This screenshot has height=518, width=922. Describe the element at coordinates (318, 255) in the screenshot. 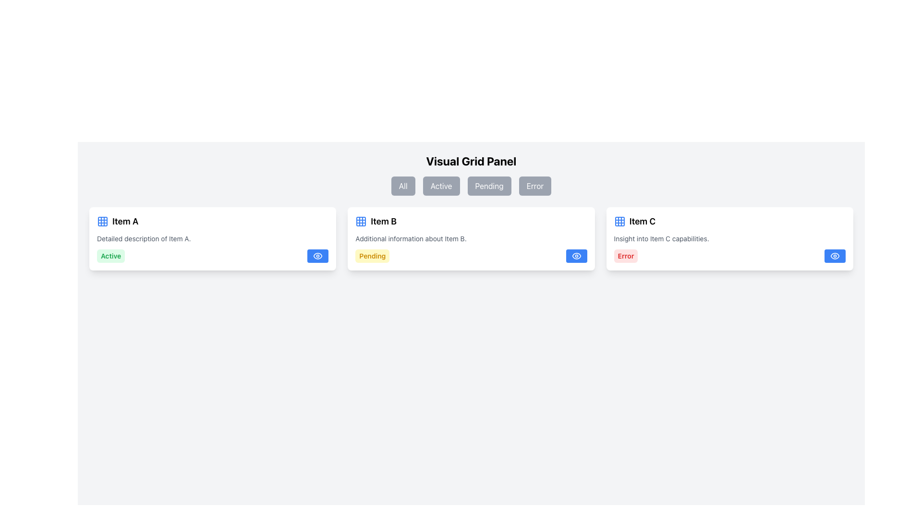

I see `the eye icon centered inside the blue rounded button labeled 'Active' under the 'Item A' section` at that location.